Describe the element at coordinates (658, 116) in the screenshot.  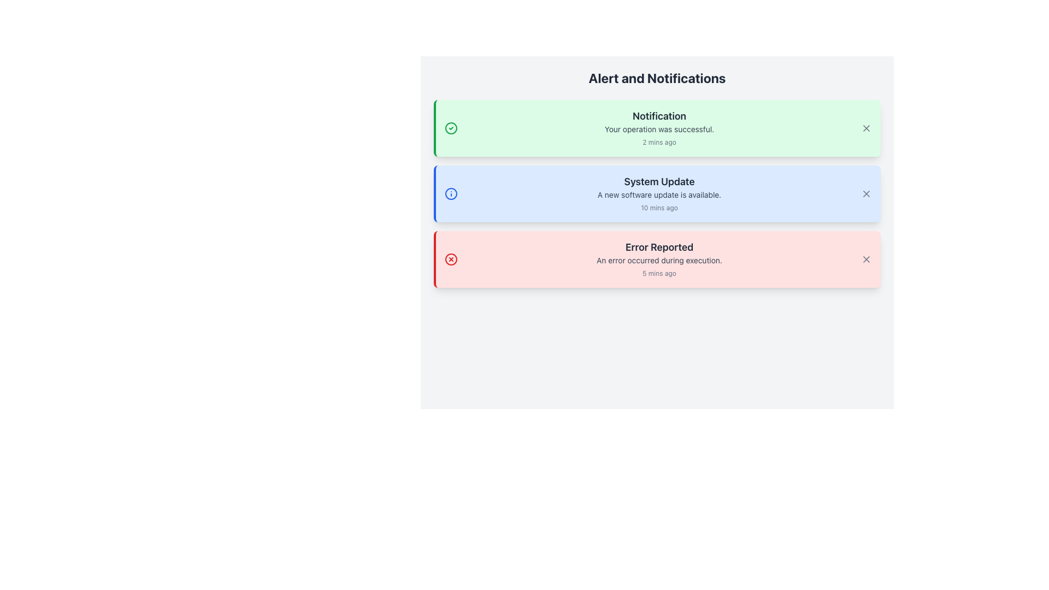
I see `the title text label located at the top of the green card in the 'Alert and Notifications' section, which summarizes the purpose or category of the notification` at that location.